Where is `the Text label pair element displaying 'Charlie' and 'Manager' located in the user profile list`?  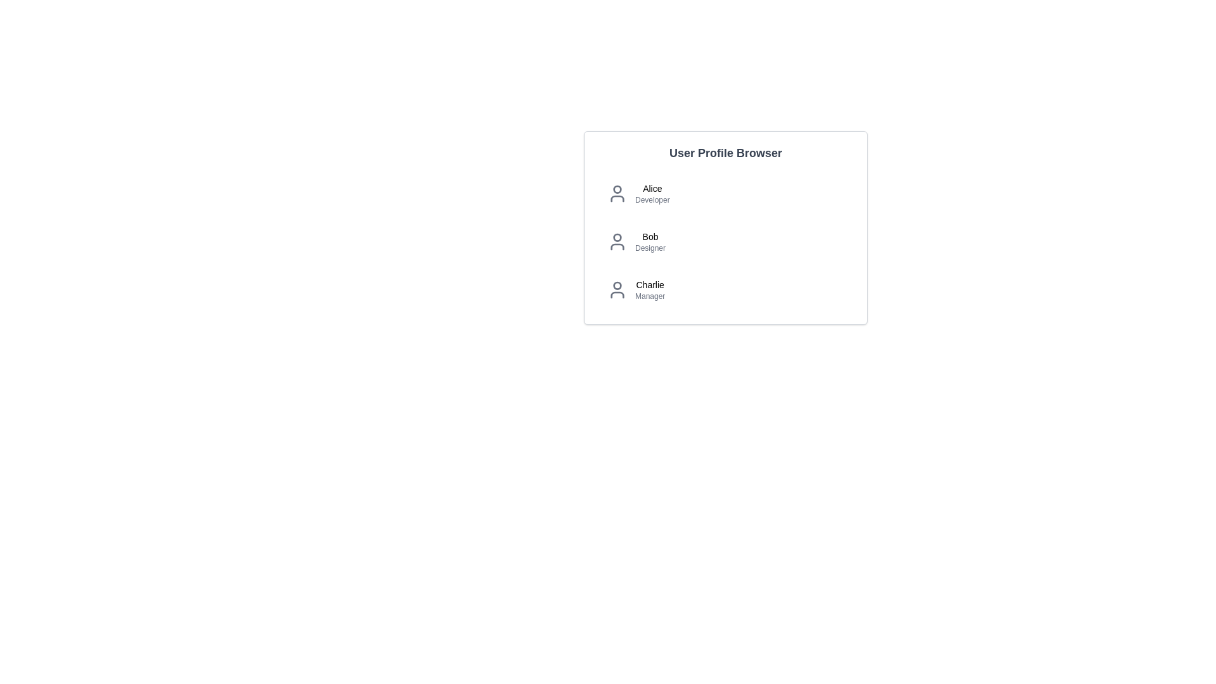
the Text label pair element displaying 'Charlie' and 'Manager' located in the user profile list is located at coordinates (650, 290).